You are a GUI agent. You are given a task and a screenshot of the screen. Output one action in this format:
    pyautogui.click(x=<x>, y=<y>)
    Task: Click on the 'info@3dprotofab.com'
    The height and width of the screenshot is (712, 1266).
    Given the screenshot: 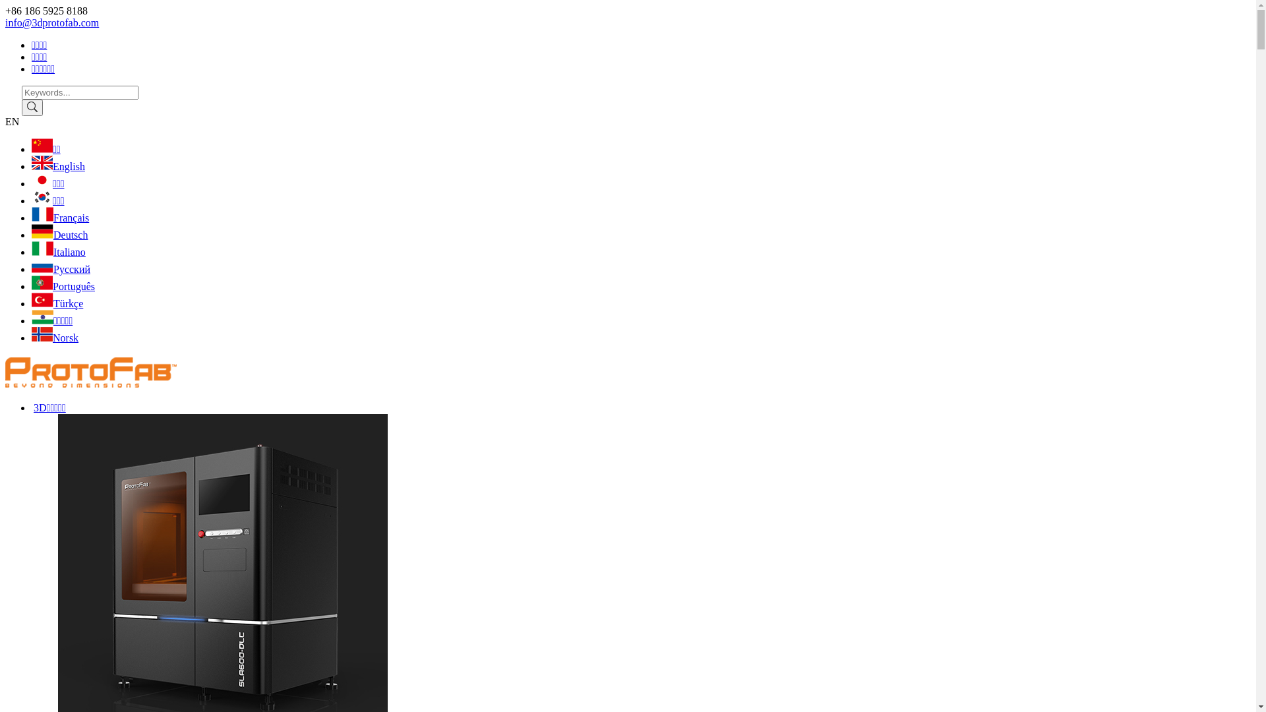 What is the action you would take?
    pyautogui.click(x=51, y=22)
    